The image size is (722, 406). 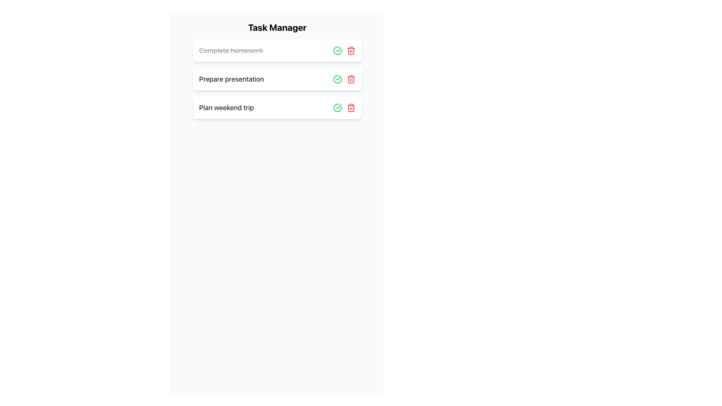 What do you see at coordinates (337, 108) in the screenshot?
I see `the green checkmark icon on the right side of the 'Complete homework' task entry` at bounding box center [337, 108].